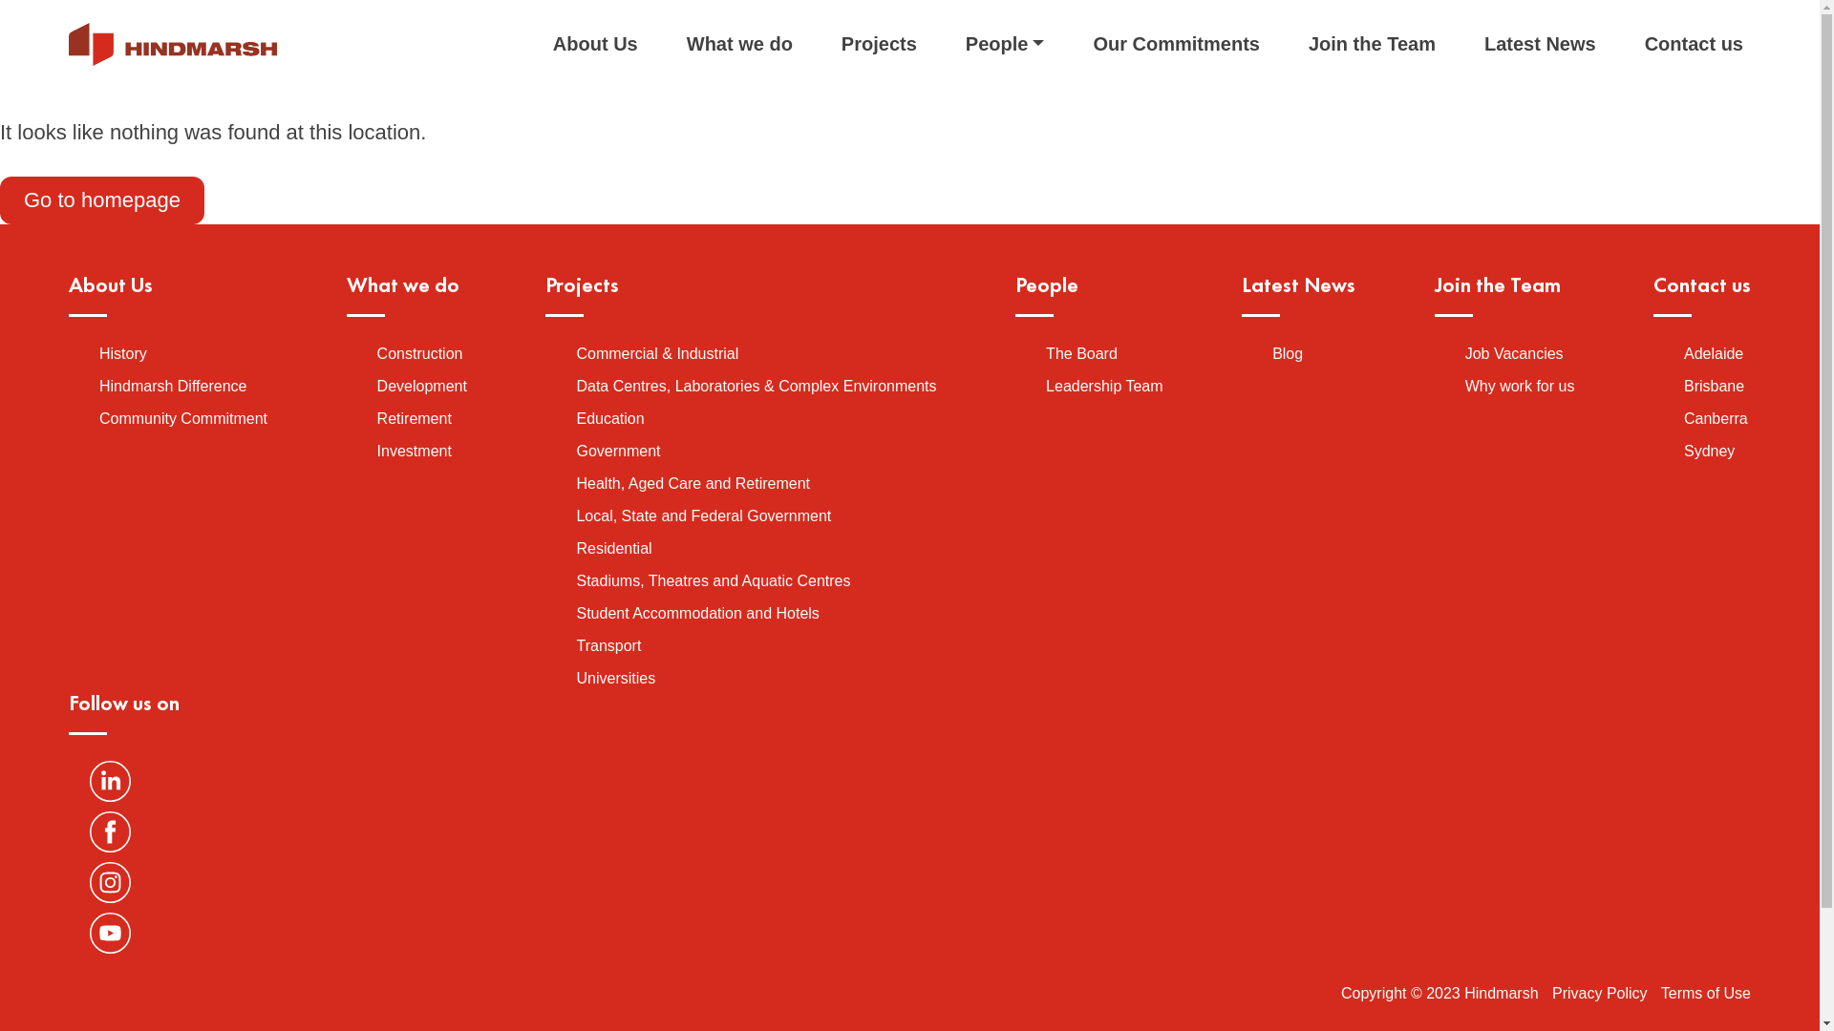 This screenshot has height=1031, width=1834. What do you see at coordinates (1714, 386) in the screenshot?
I see `'Brisbane'` at bounding box center [1714, 386].